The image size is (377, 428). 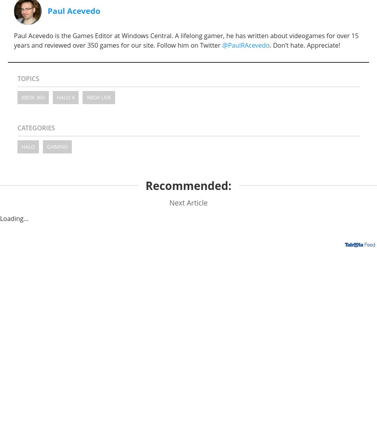 I want to click on 'CATEGORIES', so click(x=36, y=128).